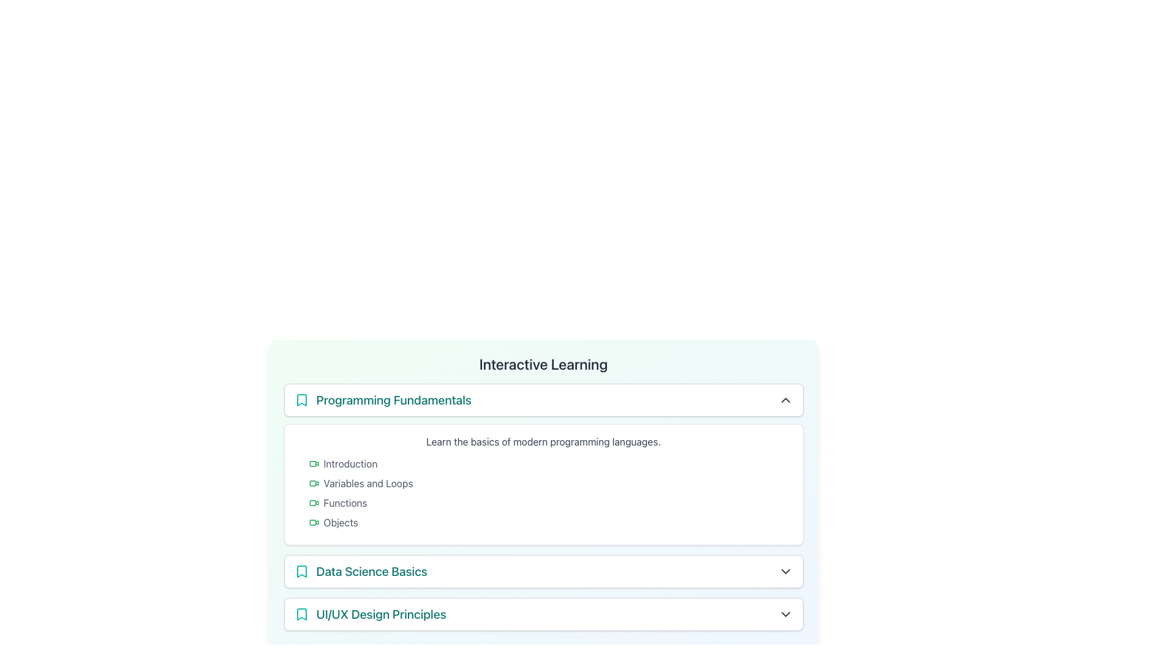 The image size is (1176, 661). What do you see at coordinates (301, 400) in the screenshot?
I see `the teal bookmark icon located immediately to the left of the text 'Programming Fundamentals'` at bounding box center [301, 400].